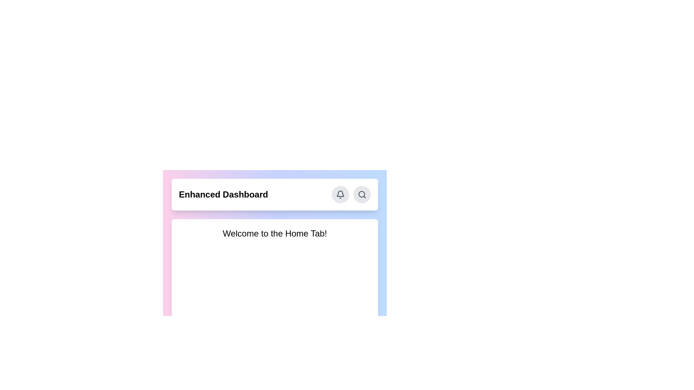  I want to click on the circular button with a gray background and a magnifying glass icon located on the upper right of the dashboard header to trigger a visual change indicating interaction, so click(362, 194).